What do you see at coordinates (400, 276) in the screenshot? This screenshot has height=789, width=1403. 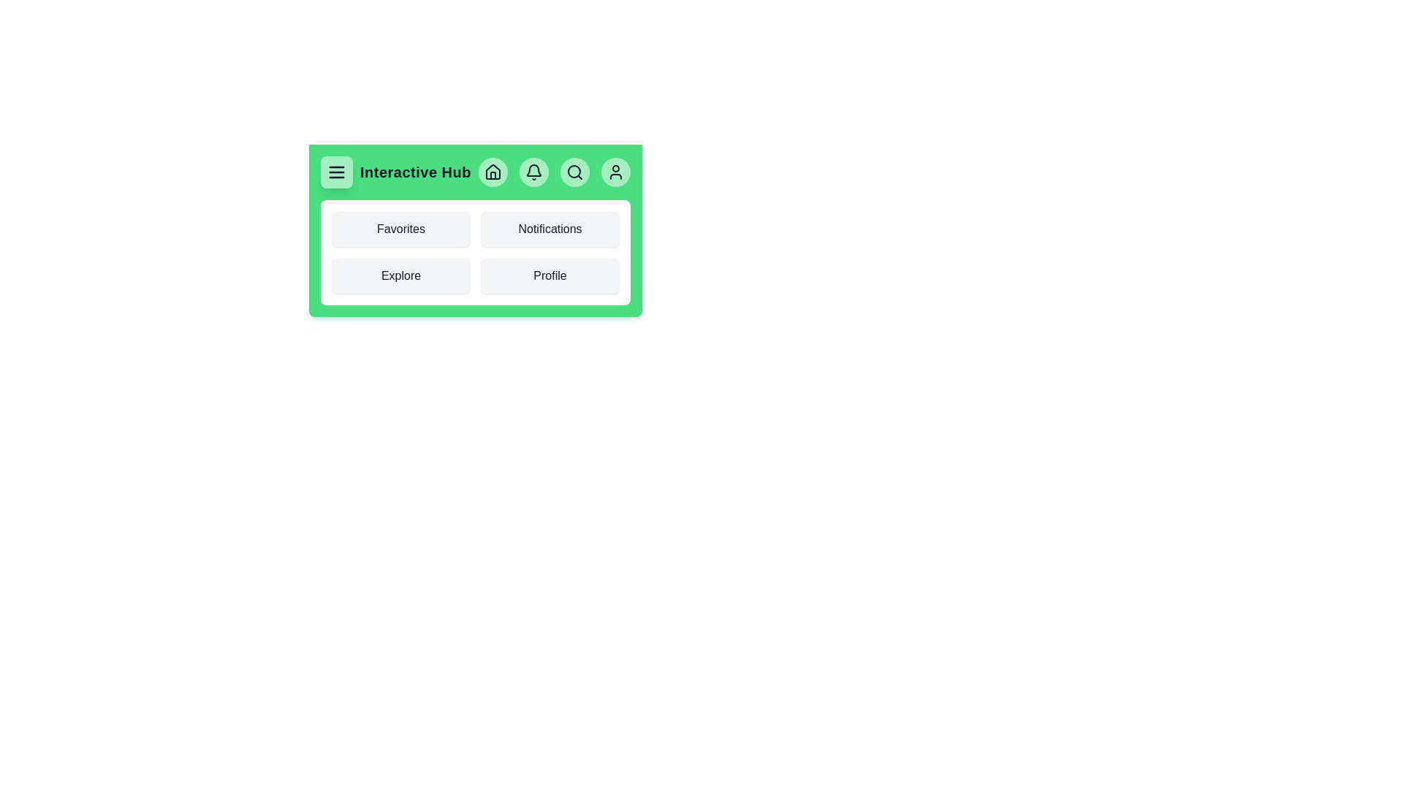 I see `the interactive element Explore Link` at bounding box center [400, 276].